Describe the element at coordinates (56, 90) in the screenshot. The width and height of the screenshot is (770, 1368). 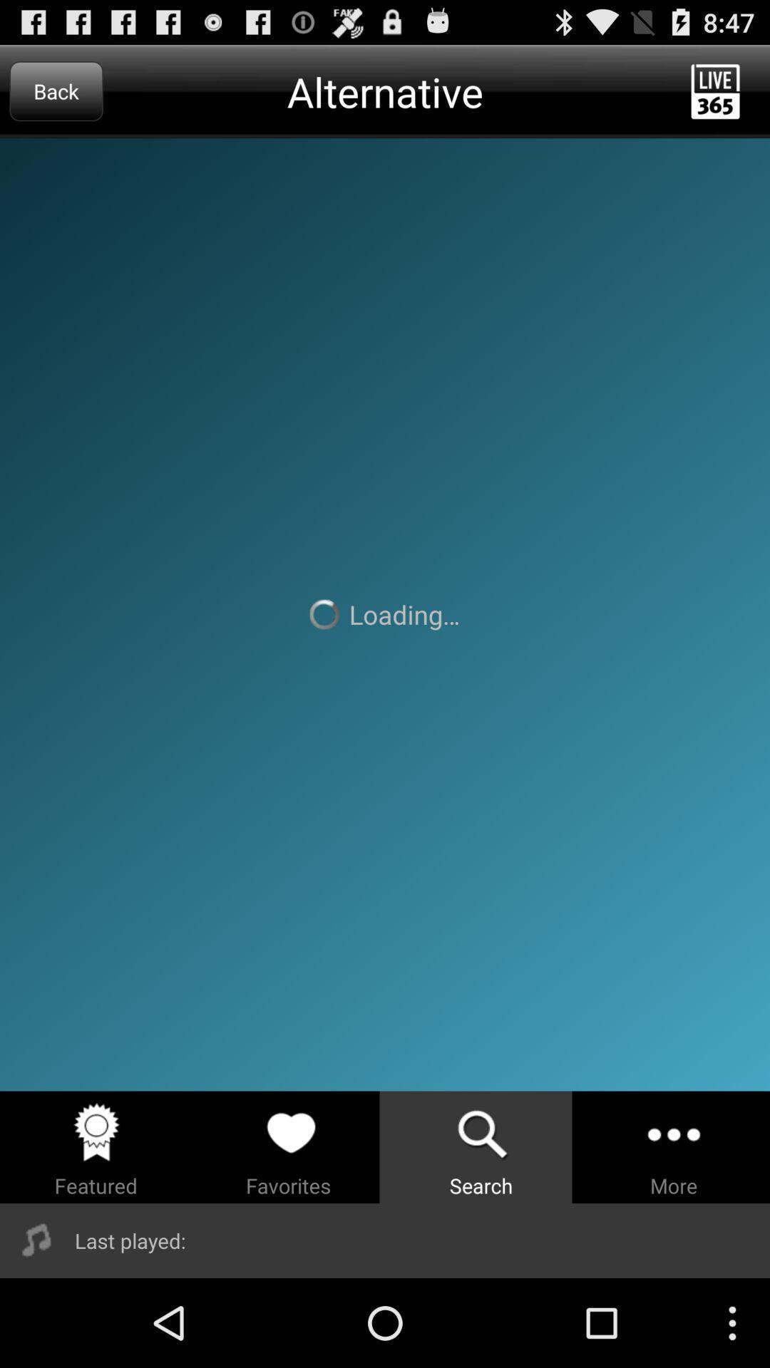
I see `the icon next to the alternative icon` at that location.